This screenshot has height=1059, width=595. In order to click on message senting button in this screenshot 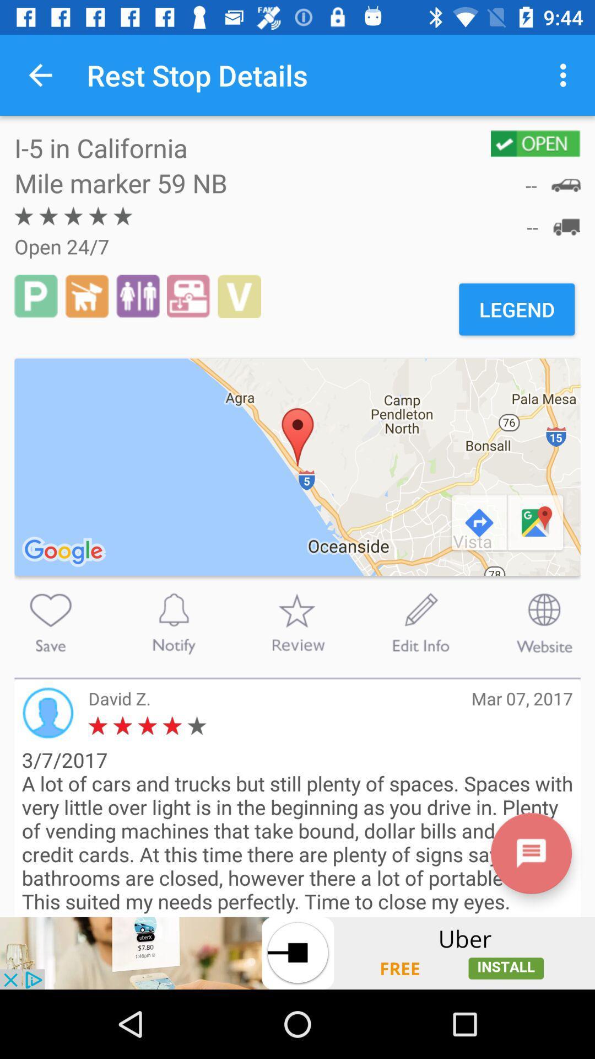, I will do `click(531, 853)`.